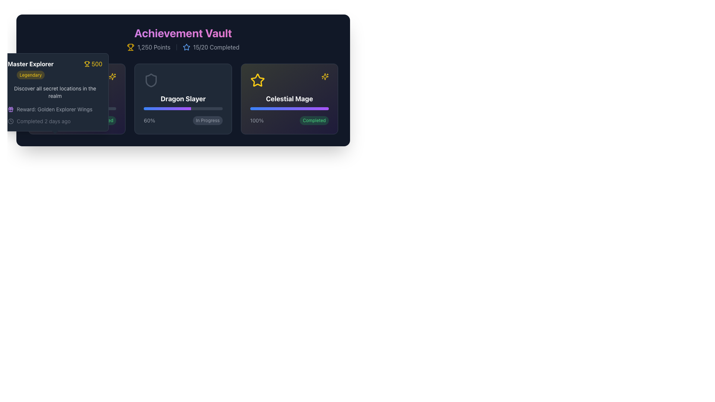  I want to click on the static text label displaying '60%' which is styled in gray and positioned to the left of the 'In Progress' label in the second card of a three-card layout, so click(149, 120).